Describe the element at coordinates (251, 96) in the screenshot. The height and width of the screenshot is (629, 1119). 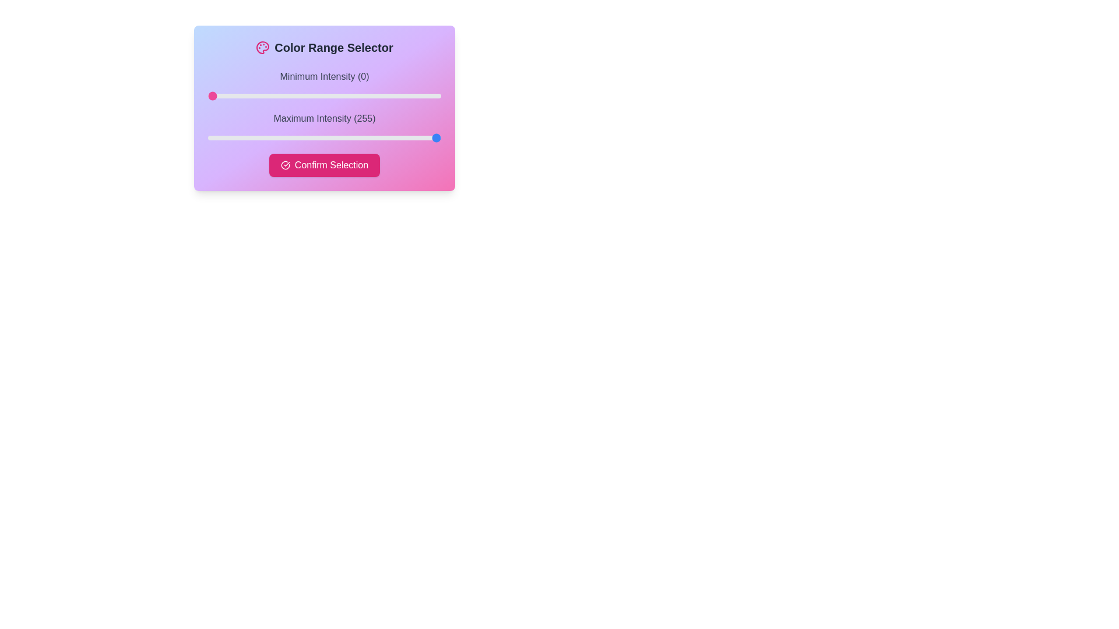
I see `the minimum intensity slider to 48 value` at that location.